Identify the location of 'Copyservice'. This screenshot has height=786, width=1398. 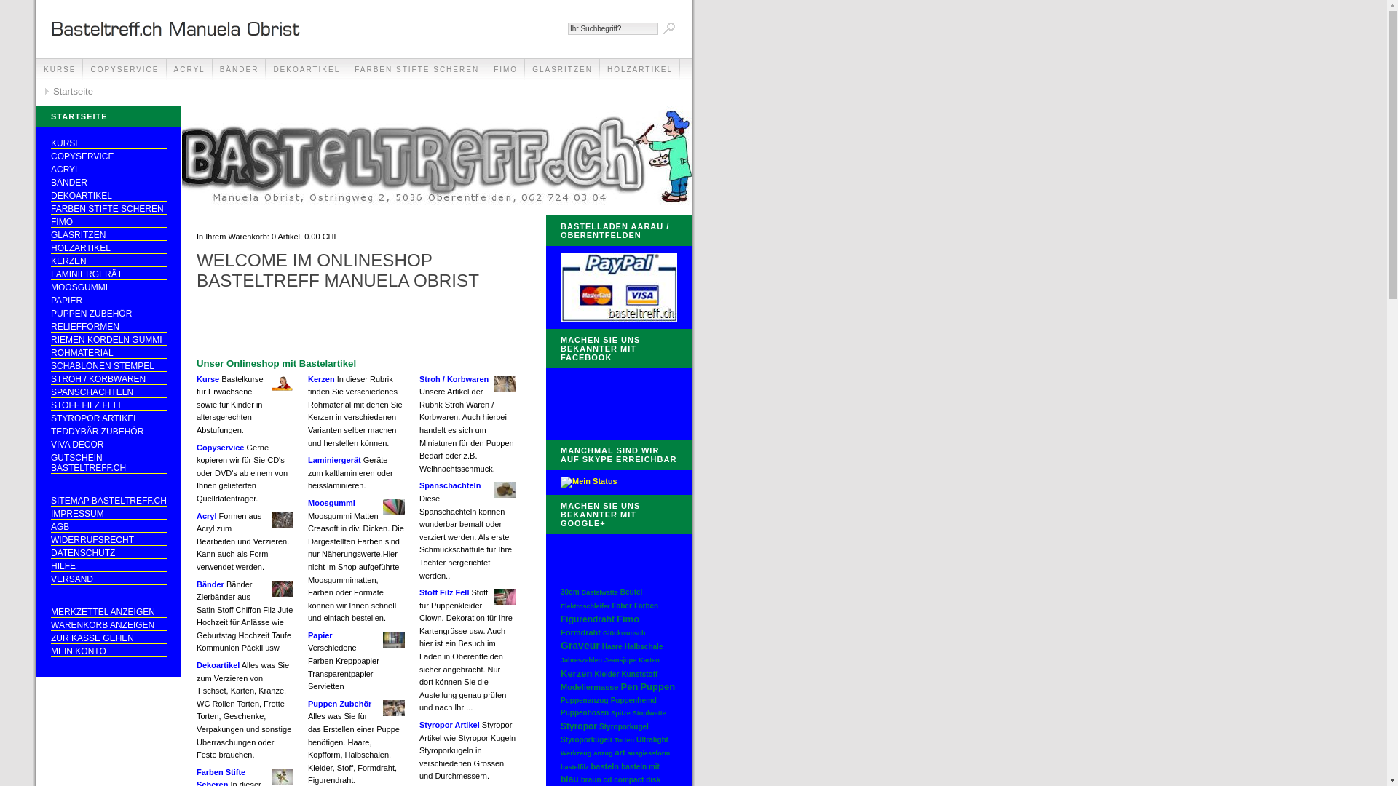
(195, 446).